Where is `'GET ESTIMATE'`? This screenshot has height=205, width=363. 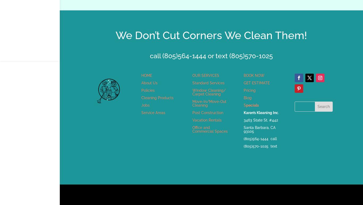
'GET ESTIMATE' is located at coordinates (256, 83).